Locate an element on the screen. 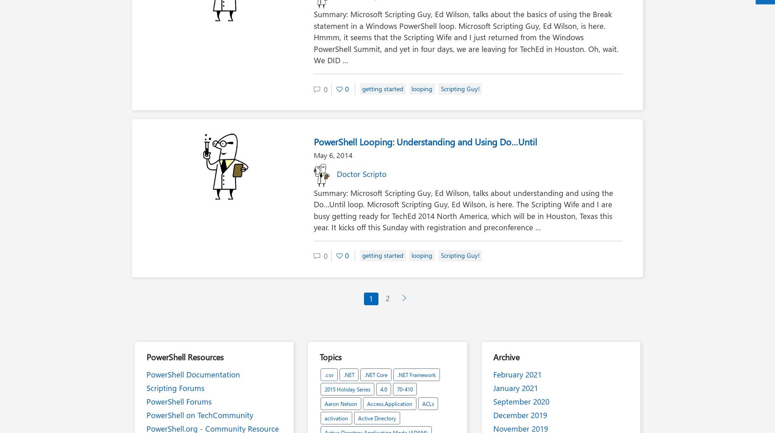 The image size is (775, 433). 'December 2019' is located at coordinates (519, 414).